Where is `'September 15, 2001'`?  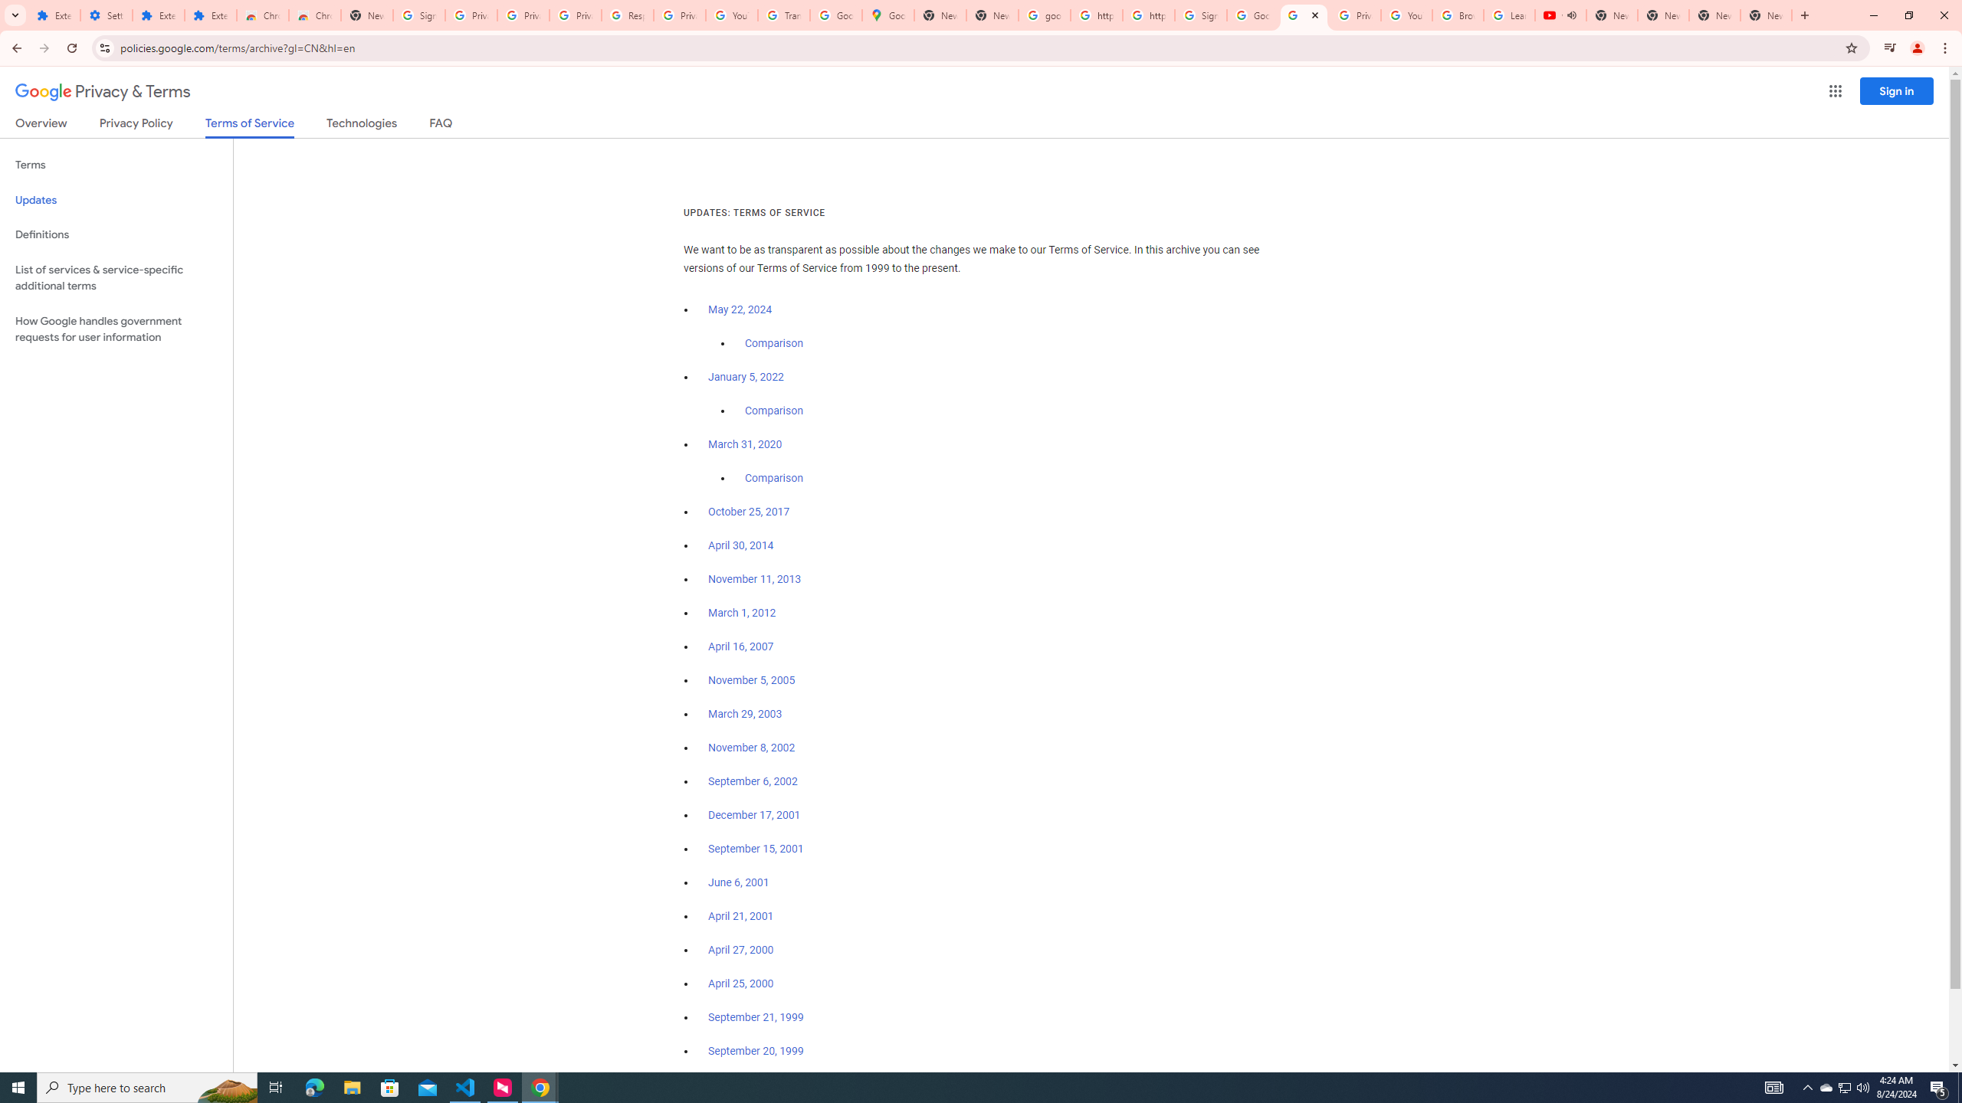 'September 15, 2001' is located at coordinates (756, 848).